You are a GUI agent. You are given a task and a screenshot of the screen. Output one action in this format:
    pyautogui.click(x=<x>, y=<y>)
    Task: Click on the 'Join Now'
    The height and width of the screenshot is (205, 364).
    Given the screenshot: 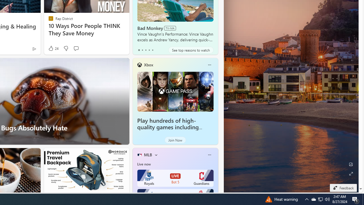 What is the action you would take?
    pyautogui.click(x=175, y=140)
    